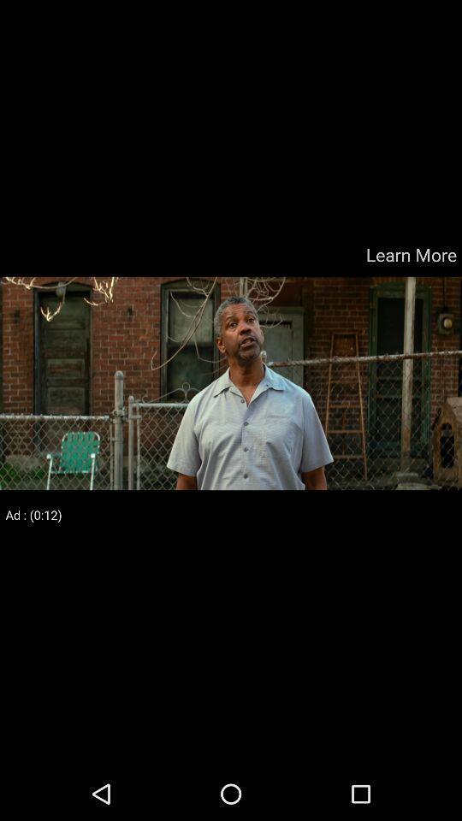  Describe the element at coordinates (231, 383) in the screenshot. I see `colour pinter` at that location.